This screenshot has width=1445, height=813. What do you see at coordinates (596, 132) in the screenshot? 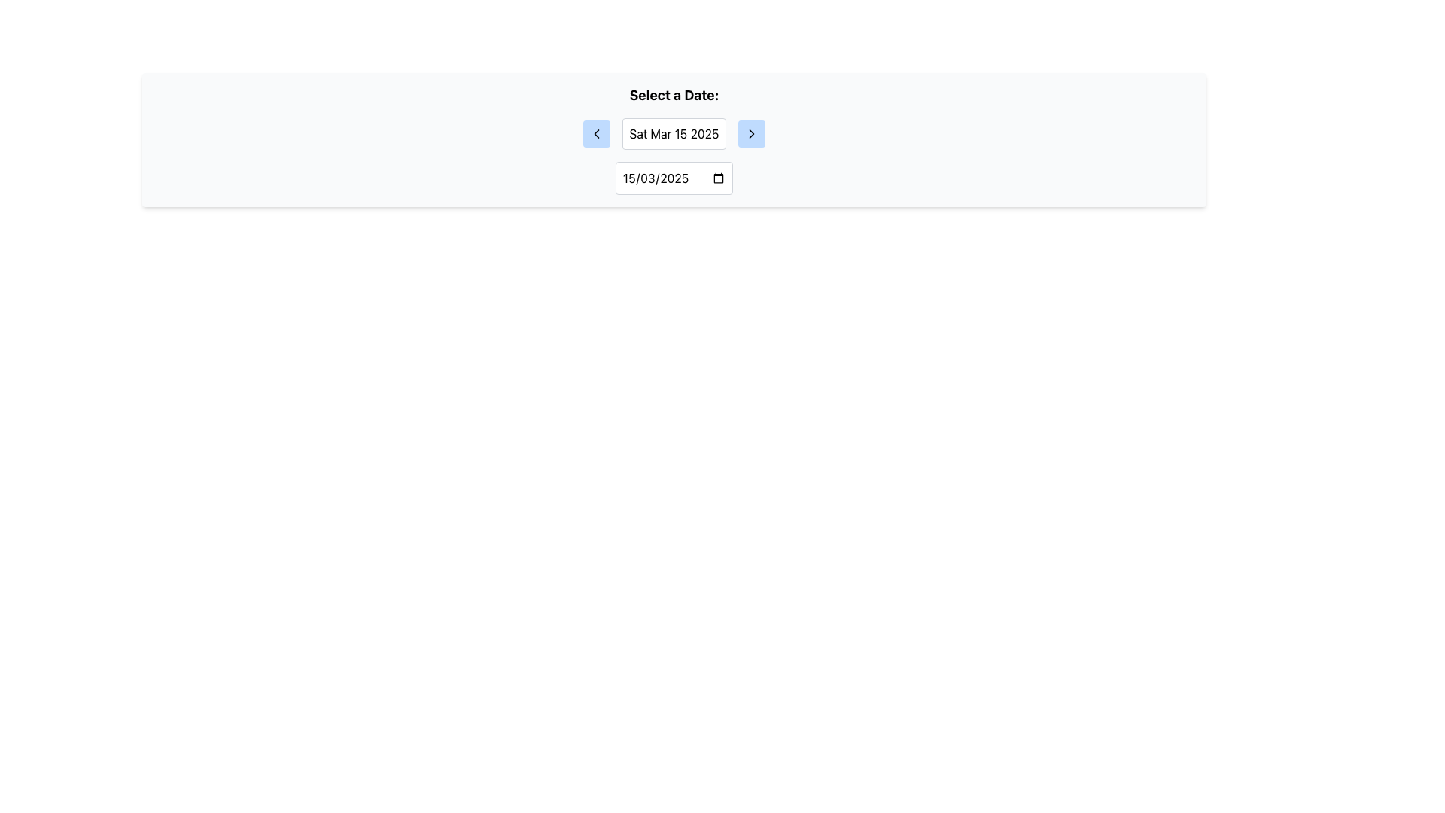
I see `the left arrow icon button, which is a thin black outline arrow inside a light blue square button` at bounding box center [596, 132].